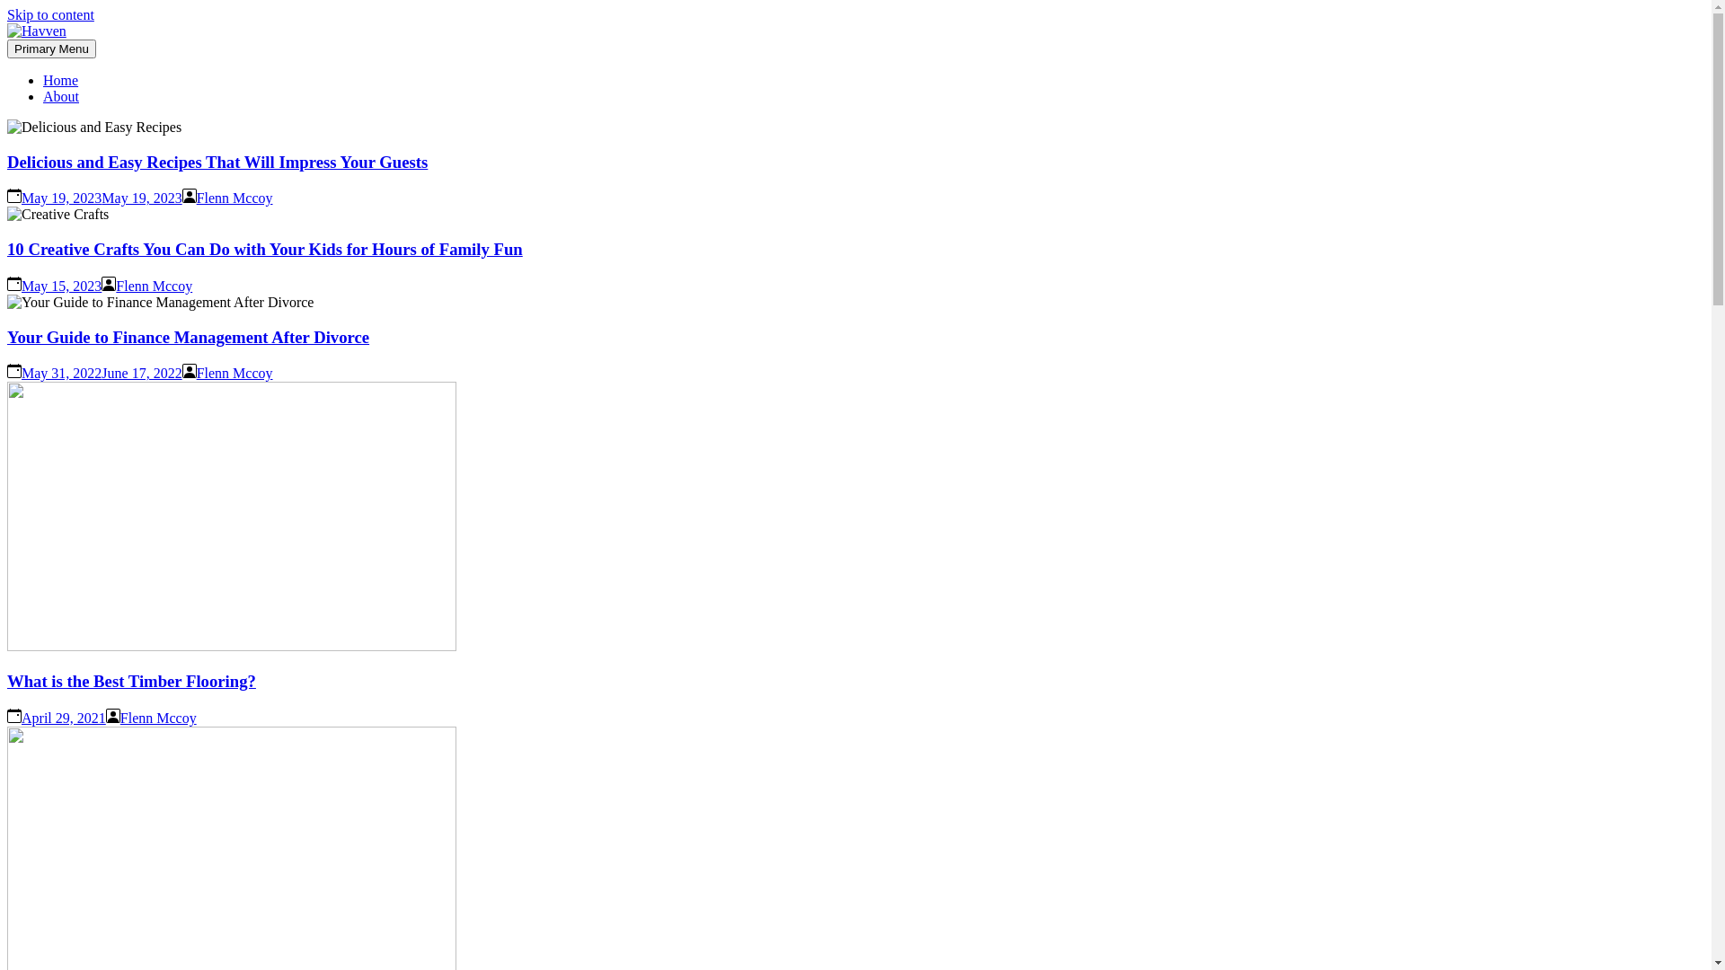 This screenshot has width=1725, height=970. What do you see at coordinates (51, 48) in the screenshot?
I see `'Primary Menu'` at bounding box center [51, 48].